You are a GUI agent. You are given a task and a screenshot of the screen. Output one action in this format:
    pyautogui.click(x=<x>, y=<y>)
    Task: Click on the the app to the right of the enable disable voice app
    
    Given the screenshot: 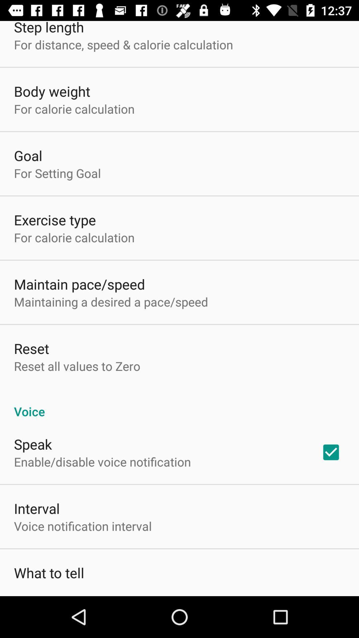 What is the action you would take?
    pyautogui.click(x=331, y=452)
    